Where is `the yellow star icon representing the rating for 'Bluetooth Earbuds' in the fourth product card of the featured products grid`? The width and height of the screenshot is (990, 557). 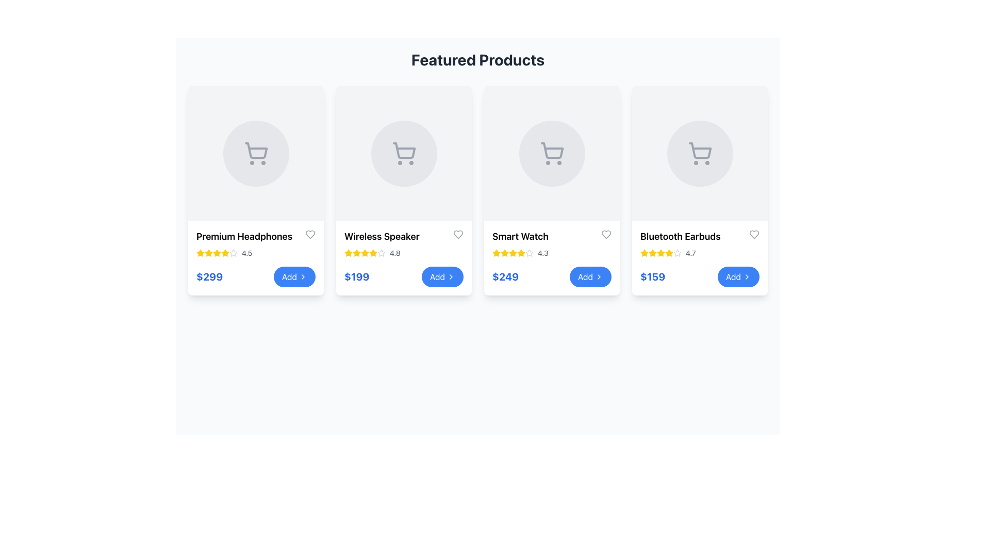 the yellow star icon representing the rating for 'Bluetooth Earbuds' in the fourth product card of the featured products grid is located at coordinates (669, 253).